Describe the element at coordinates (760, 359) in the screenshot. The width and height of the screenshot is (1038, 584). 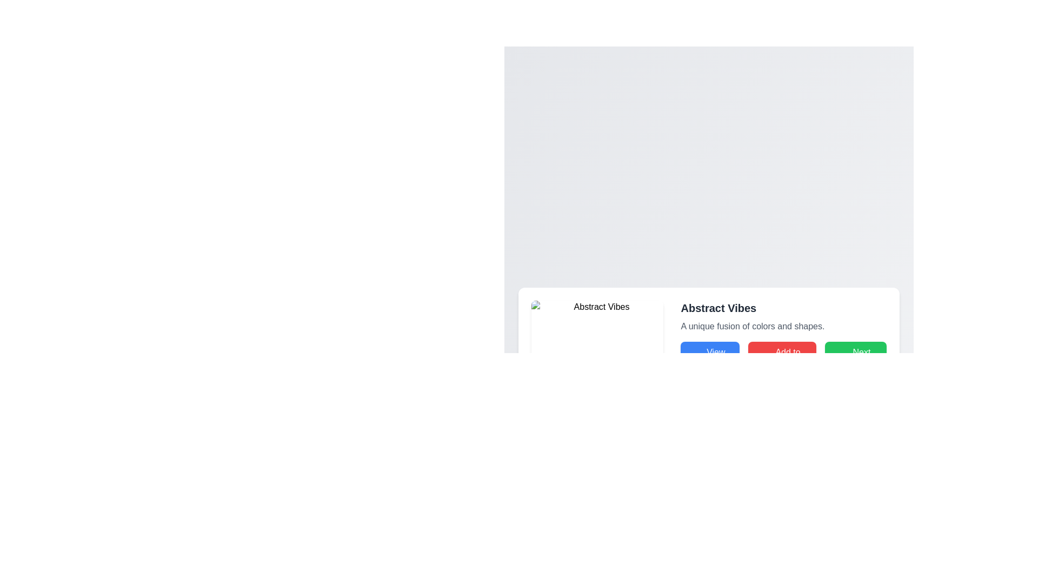
I see `the heart icon which is part of the 'Add to Favorites' button, located near the center of the bottom interface, slightly offset to the left of the button's text` at that location.